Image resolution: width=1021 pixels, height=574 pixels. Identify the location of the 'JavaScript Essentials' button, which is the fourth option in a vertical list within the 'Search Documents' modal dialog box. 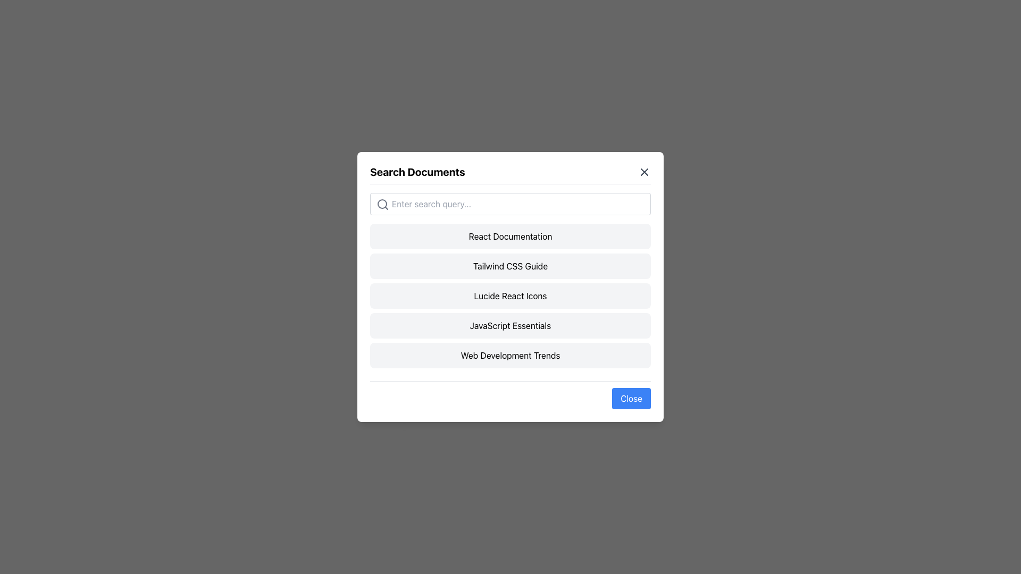
(510, 325).